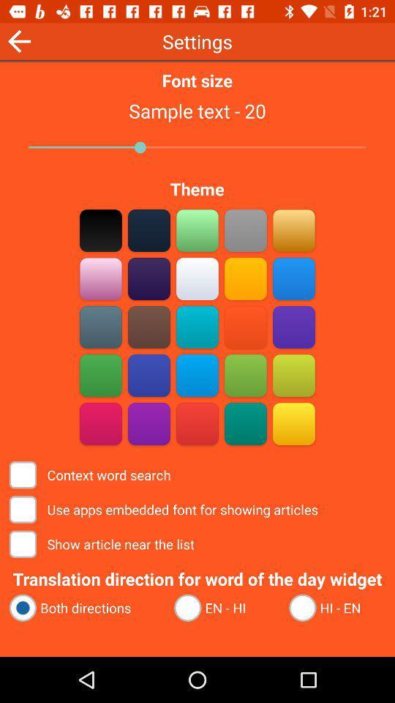  Describe the element at coordinates (100, 327) in the screenshot. I see `wallpaper theme` at that location.